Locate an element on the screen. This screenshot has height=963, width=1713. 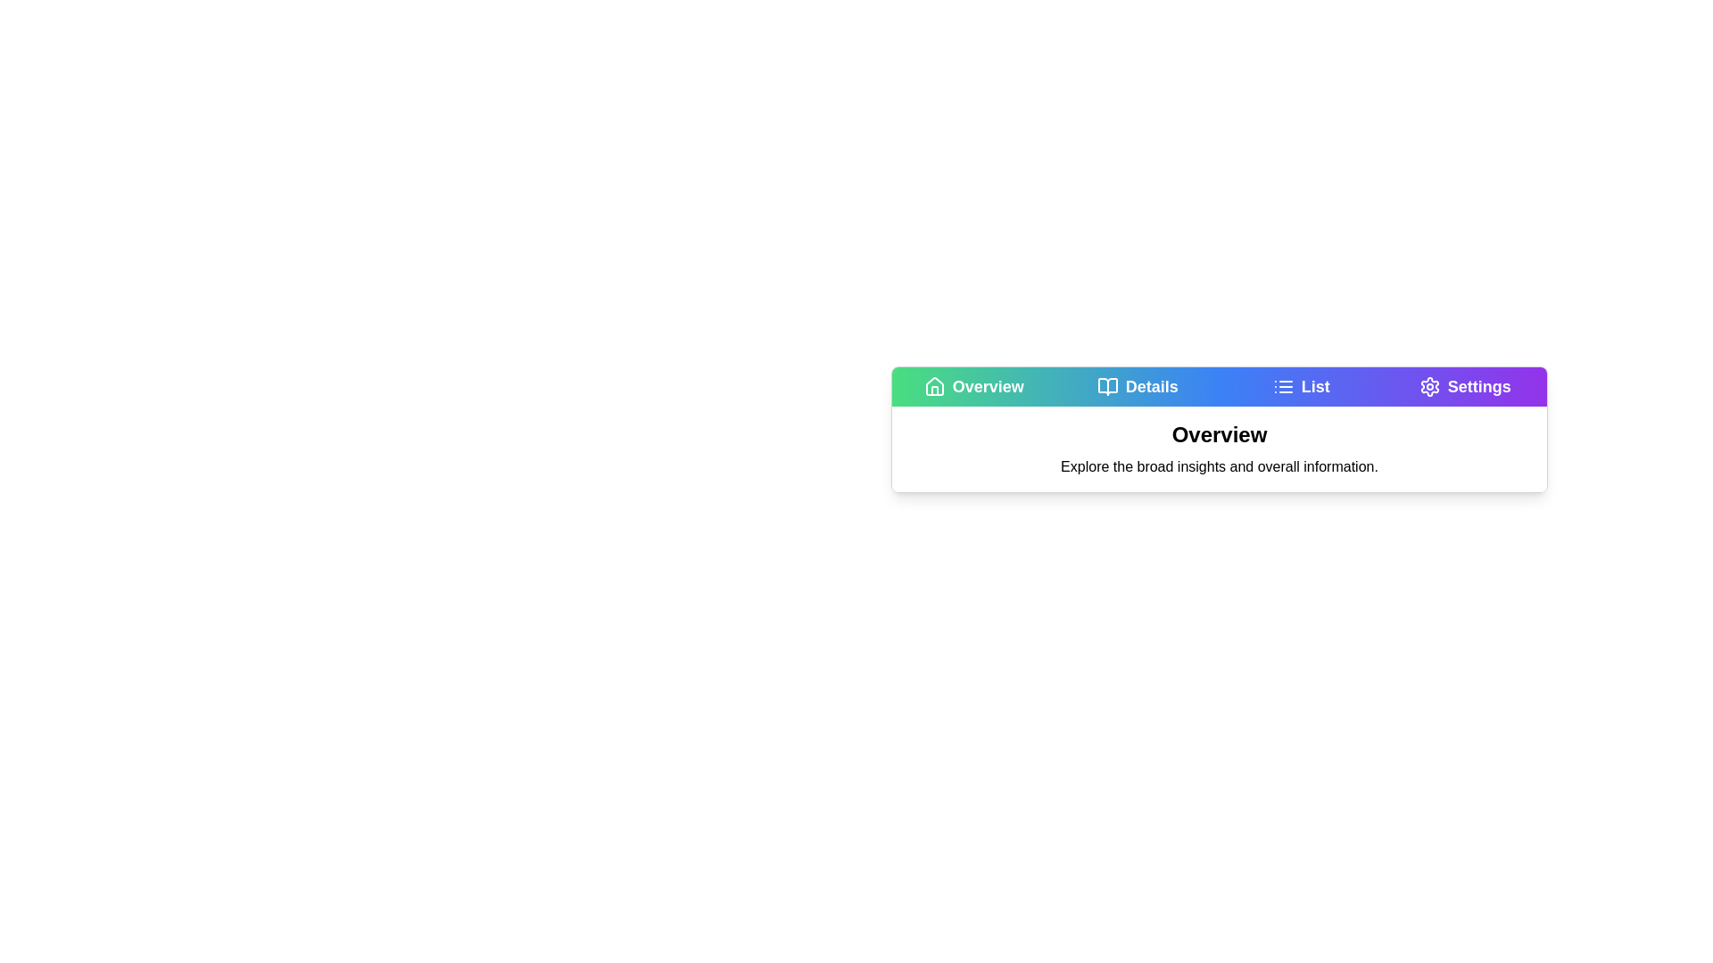
the navigation button located in the top-right corner of the interface is located at coordinates (1465, 386).